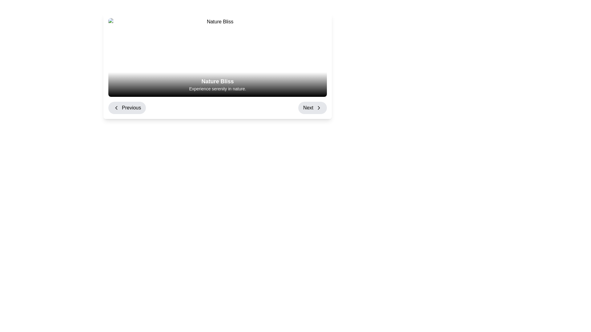  I want to click on the 'Next' button located at the bottom right corner of the navigation section, so click(312, 108).